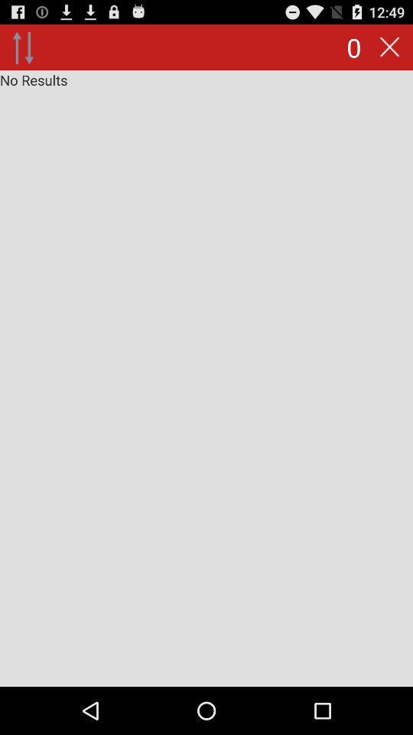 This screenshot has width=413, height=735. Describe the element at coordinates (206, 377) in the screenshot. I see `item at the center` at that location.